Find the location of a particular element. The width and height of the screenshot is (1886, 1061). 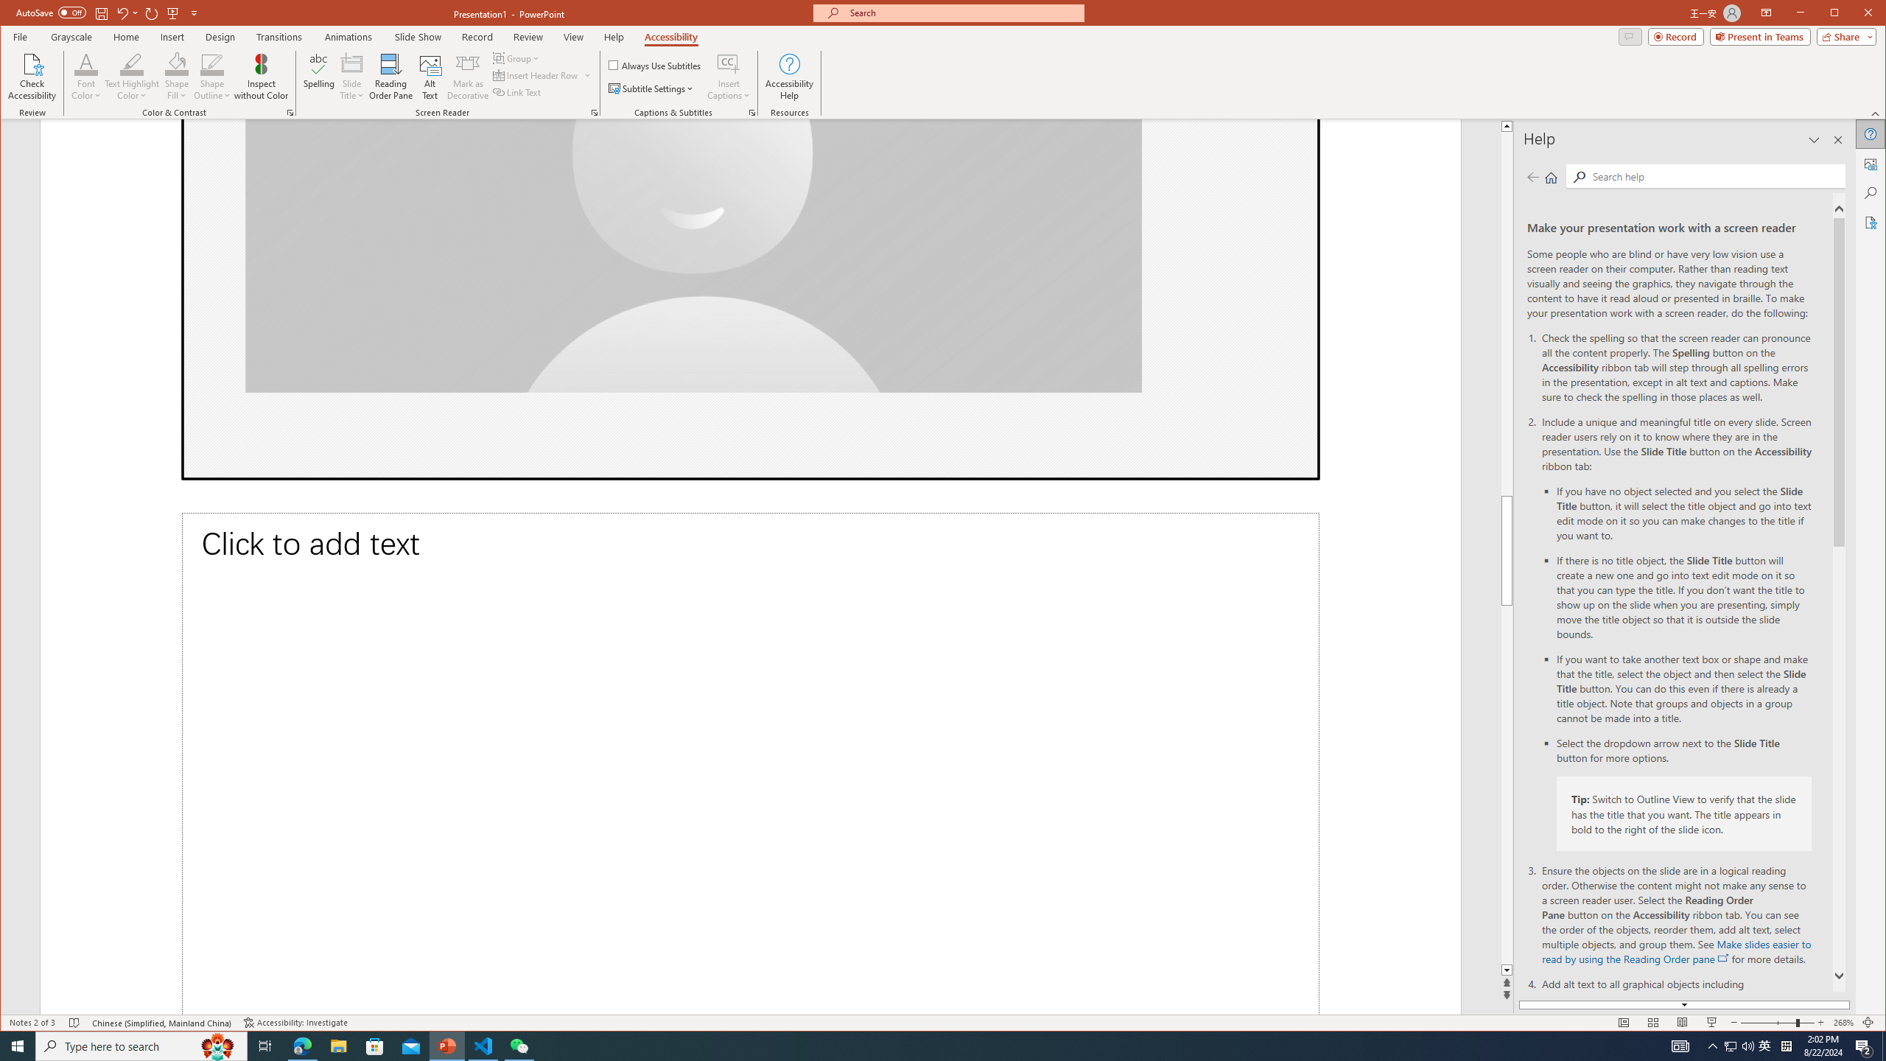

'Always Use Subtitles' is located at coordinates (654, 64).